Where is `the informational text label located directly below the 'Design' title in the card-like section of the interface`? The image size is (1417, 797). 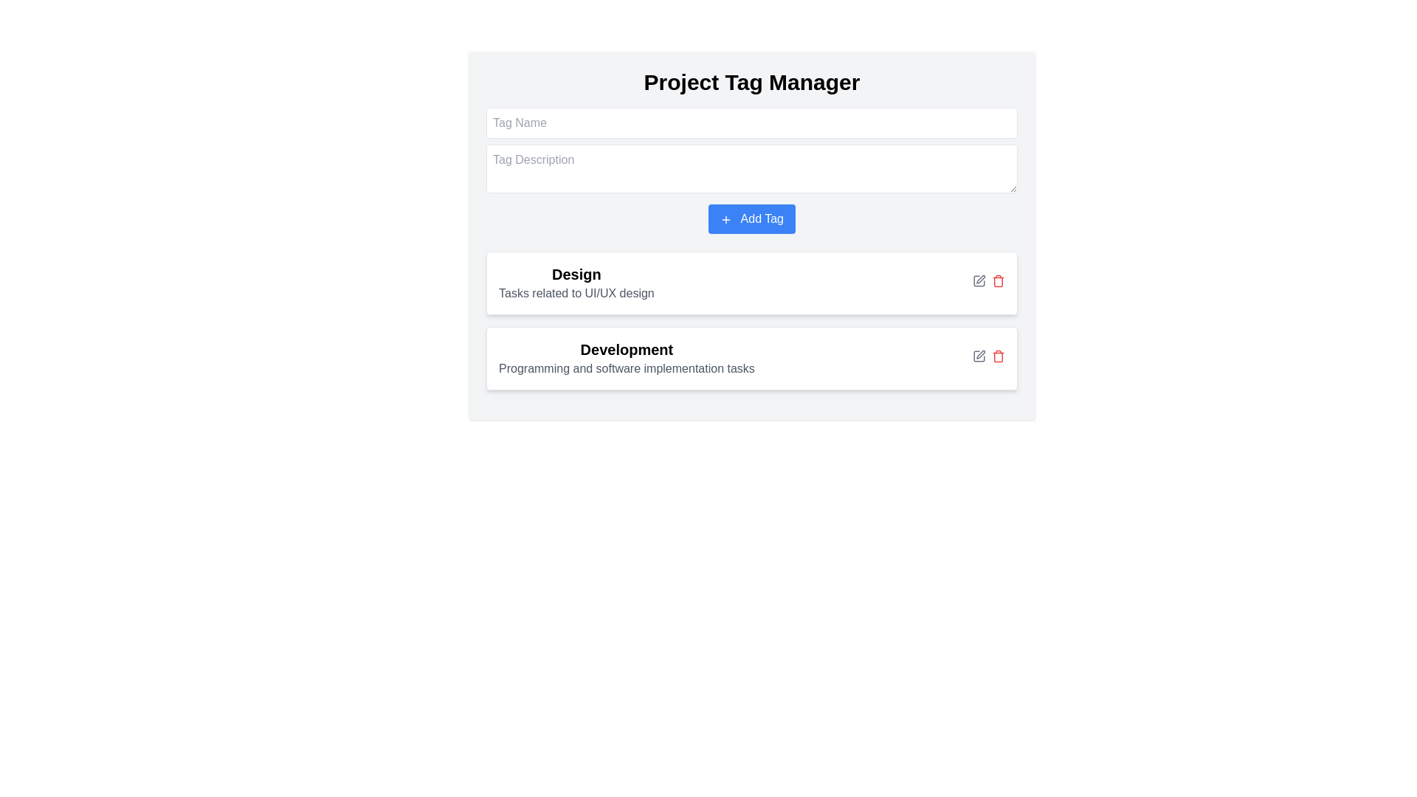
the informational text label located directly below the 'Design' title in the card-like section of the interface is located at coordinates (576, 293).